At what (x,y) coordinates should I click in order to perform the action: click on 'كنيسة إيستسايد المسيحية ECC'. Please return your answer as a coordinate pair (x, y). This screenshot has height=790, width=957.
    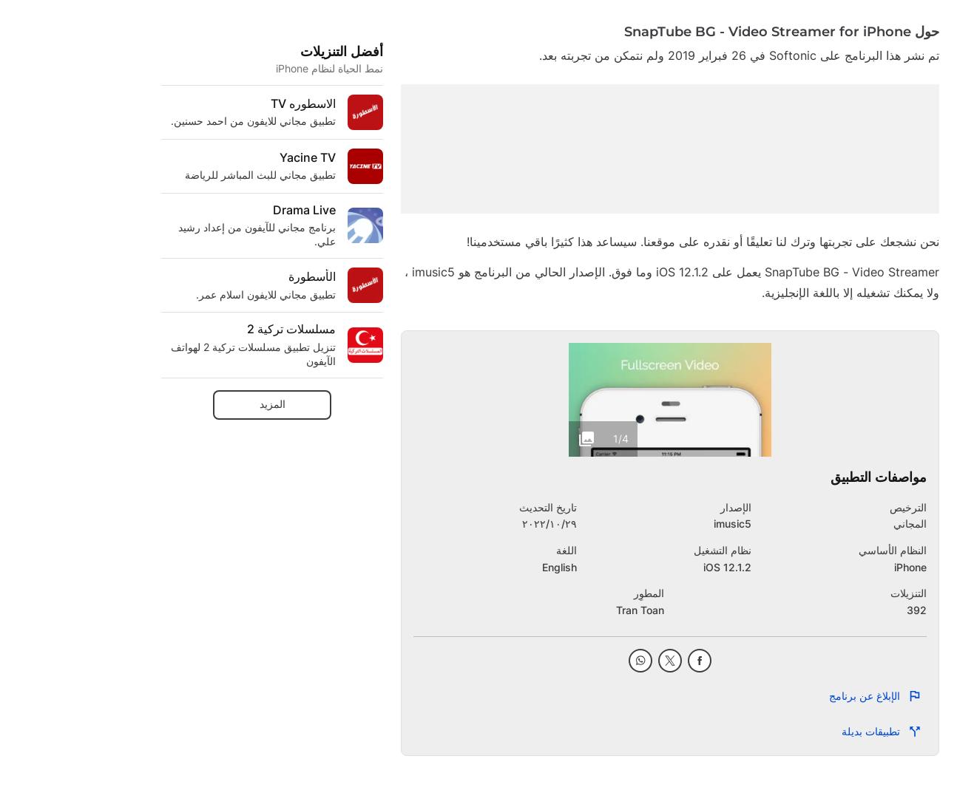
    Looking at the image, I should click on (272, 168).